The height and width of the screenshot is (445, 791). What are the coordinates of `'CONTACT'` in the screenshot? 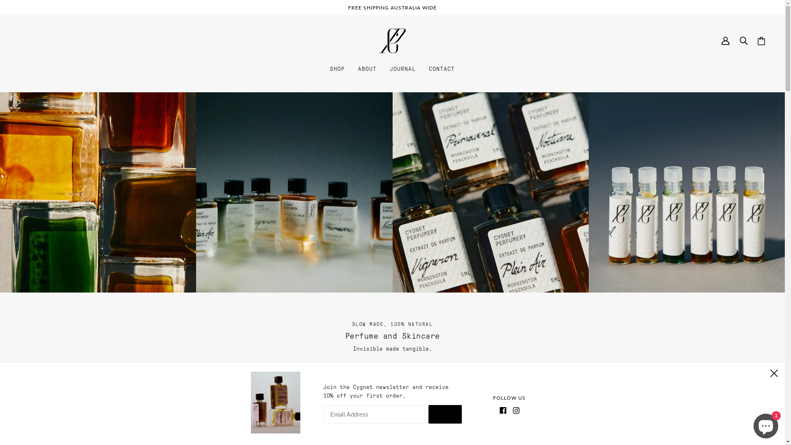 It's located at (441, 69).